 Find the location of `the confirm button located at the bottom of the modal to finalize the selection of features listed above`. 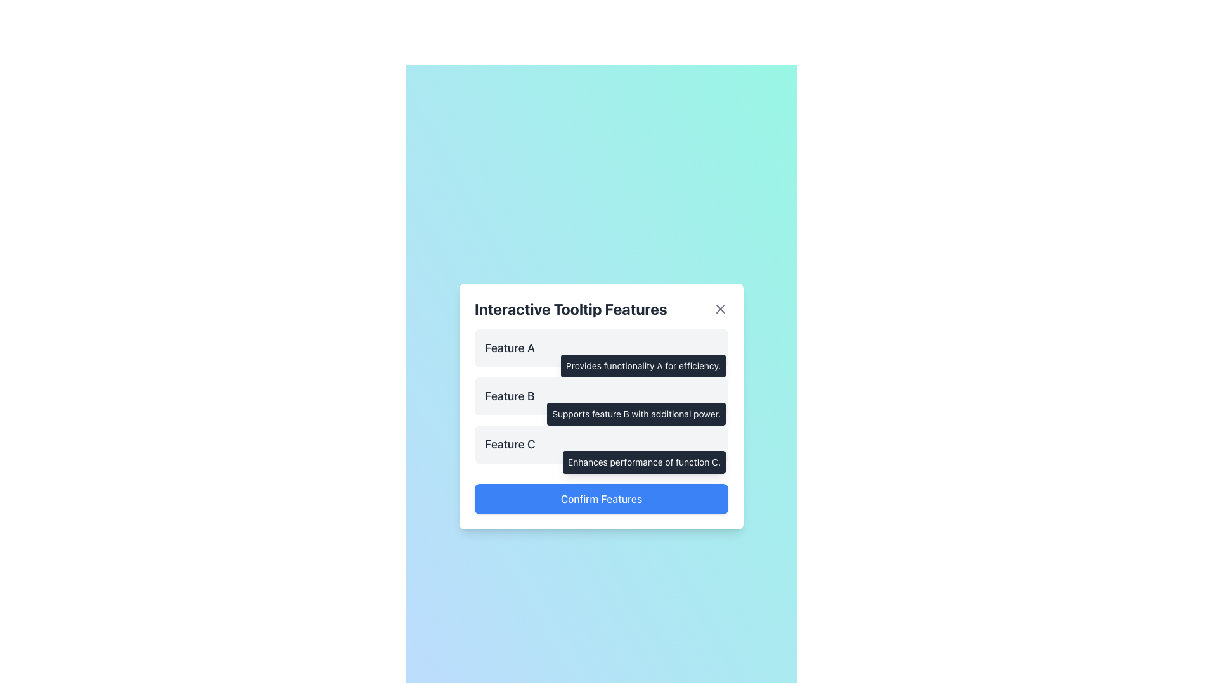

the confirm button located at the bottom of the modal to finalize the selection of features listed above is located at coordinates (601, 498).